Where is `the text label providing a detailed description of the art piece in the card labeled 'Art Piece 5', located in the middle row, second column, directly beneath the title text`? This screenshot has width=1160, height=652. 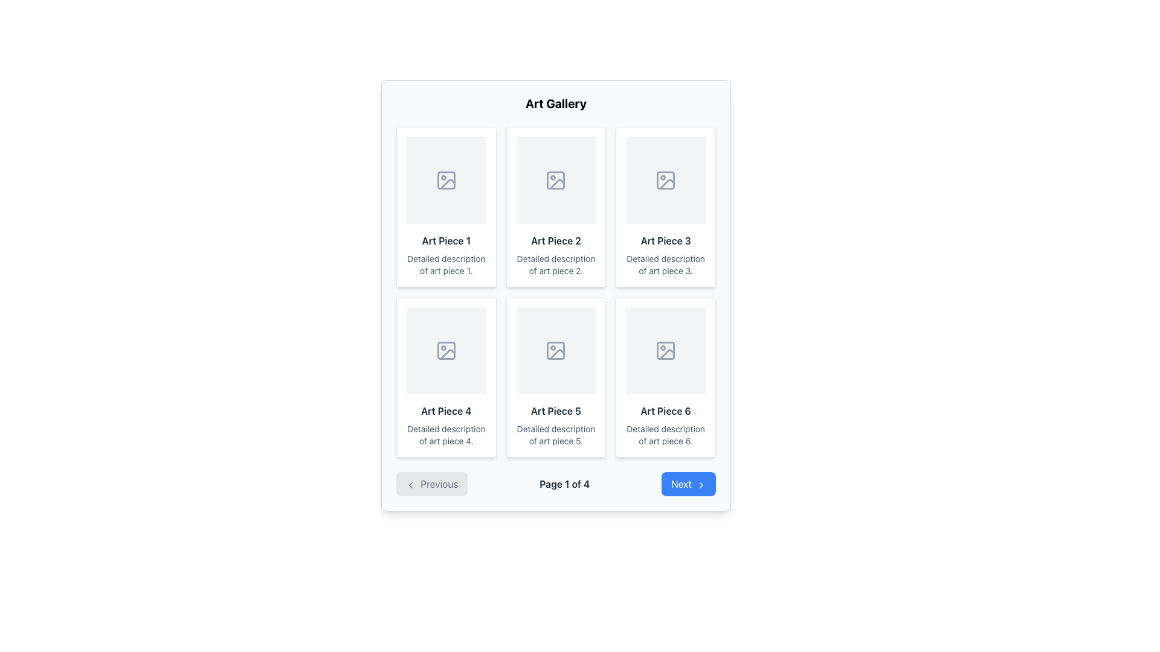
the text label providing a detailed description of the art piece in the card labeled 'Art Piece 5', located in the middle row, second column, directly beneath the title text is located at coordinates (555, 435).